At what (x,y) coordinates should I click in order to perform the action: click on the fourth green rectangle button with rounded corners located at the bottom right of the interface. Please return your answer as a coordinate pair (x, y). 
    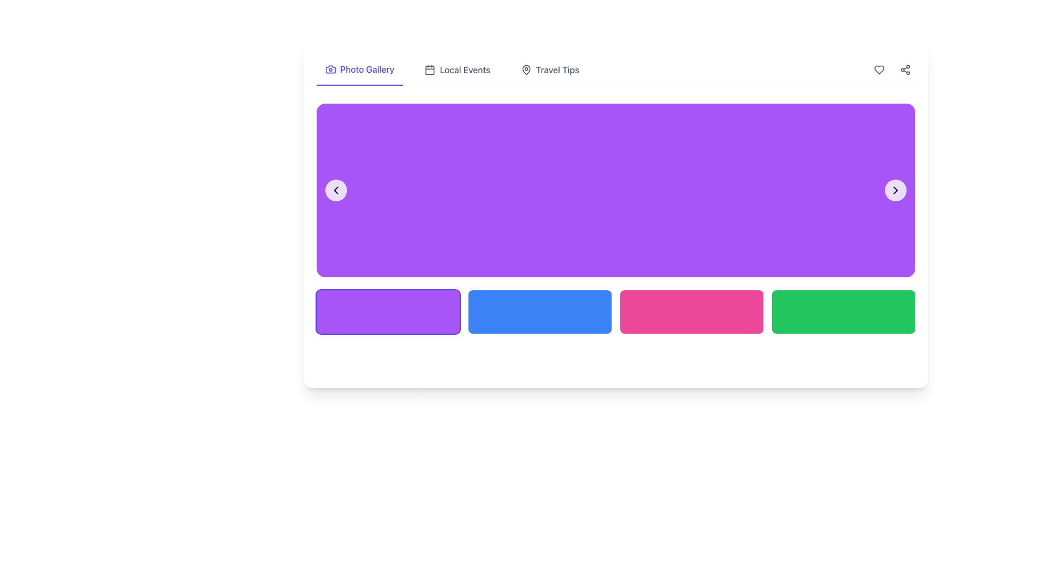
    Looking at the image, I should click on (843, 311).